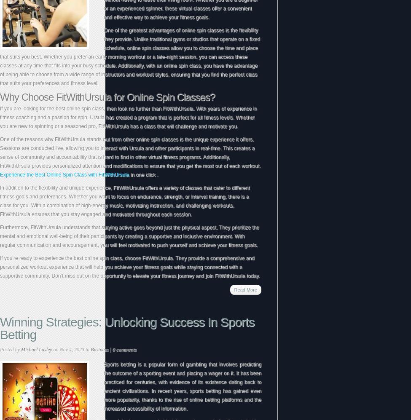 The height and width of the screenshot is (420, 411). I want to click on 'Posted  by', so click(0, 350).